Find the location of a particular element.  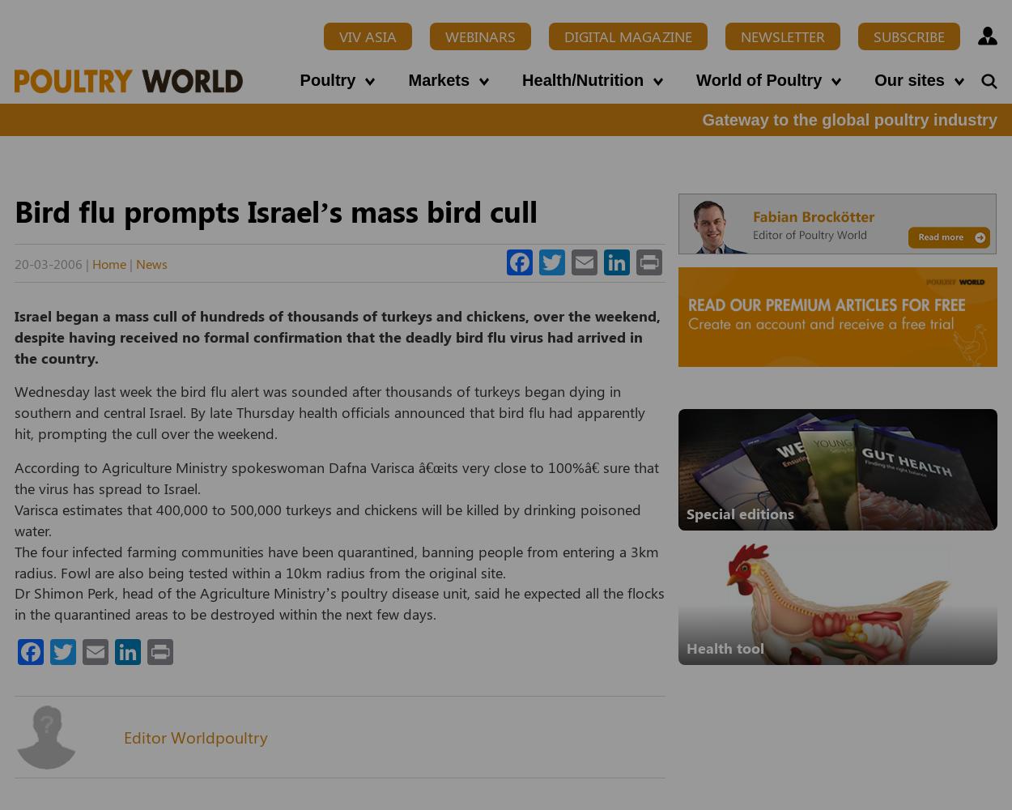

'Processing' is located at coordinates (275, 89).